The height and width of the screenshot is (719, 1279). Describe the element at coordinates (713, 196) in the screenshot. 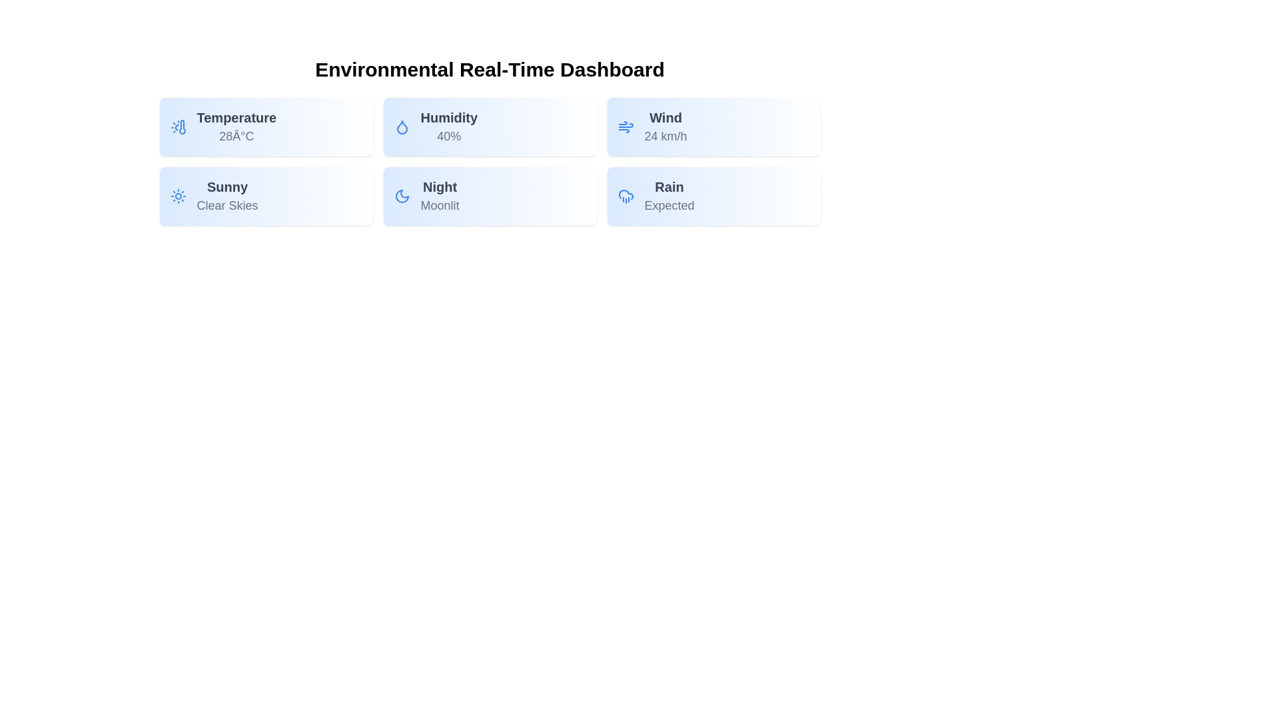

I see `the Information card that indicates rain is expected, positioned at the bottom right of the grid layout, next to the 'Night Moonlit' card and below the 'Wind 24 km/h' card` at that location.